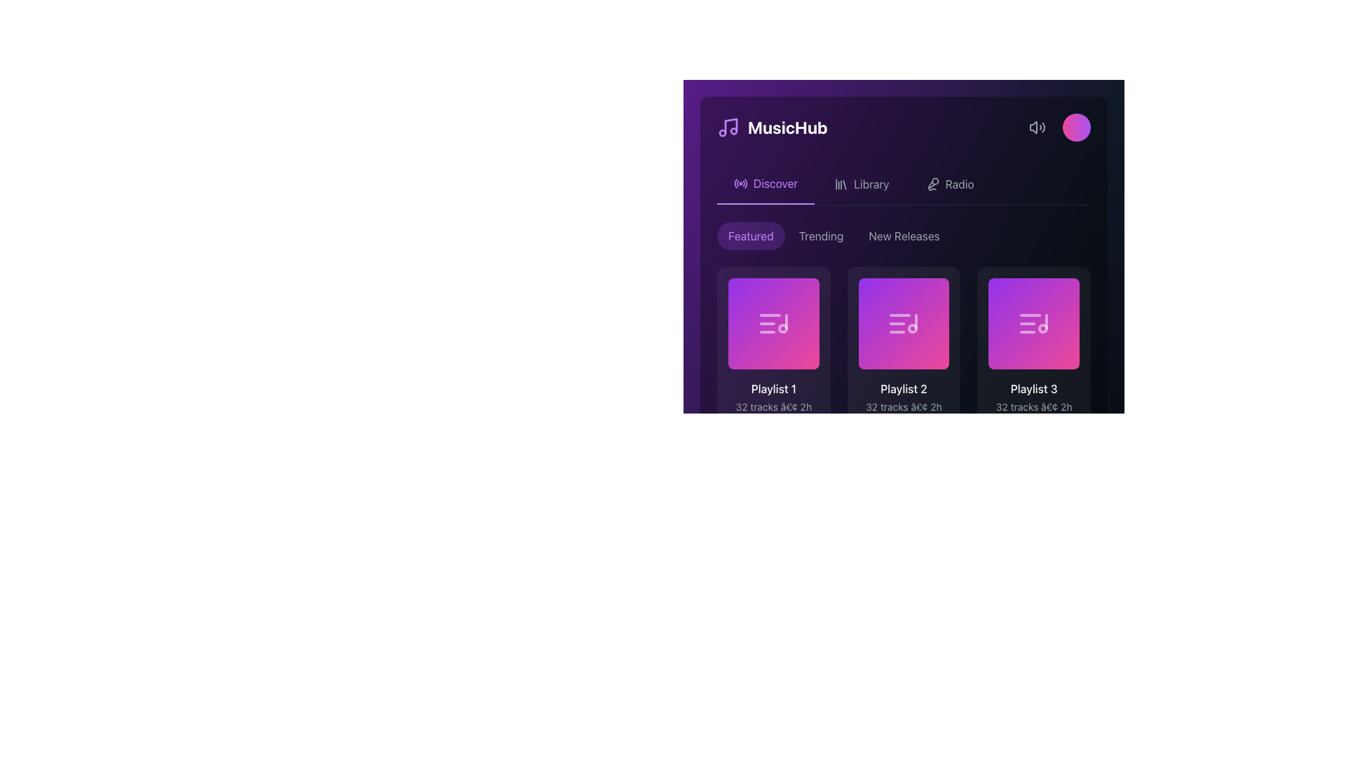  I want to click on the graphic icon representing 'Playlist 2' located in the second card under the 'Featured' tab, so click(904, 323).